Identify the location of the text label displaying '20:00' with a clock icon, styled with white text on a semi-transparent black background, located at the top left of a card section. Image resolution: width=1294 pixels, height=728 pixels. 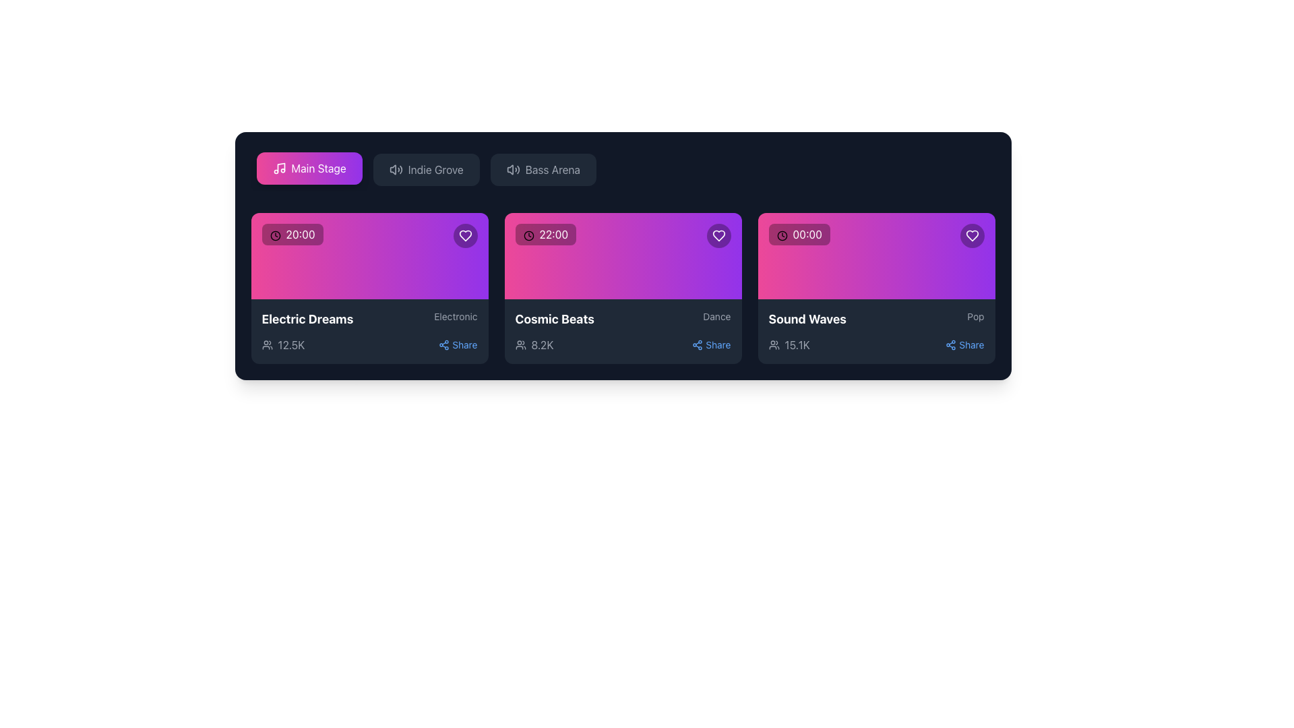
(292, 233).